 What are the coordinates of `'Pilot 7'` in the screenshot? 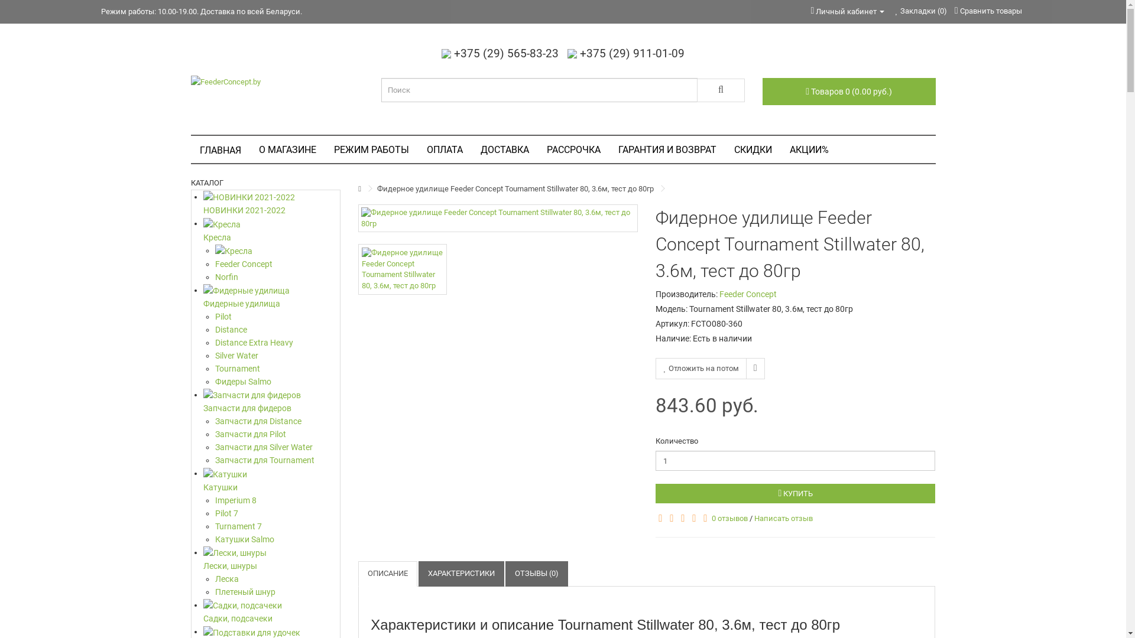 It's located at (277, 512).